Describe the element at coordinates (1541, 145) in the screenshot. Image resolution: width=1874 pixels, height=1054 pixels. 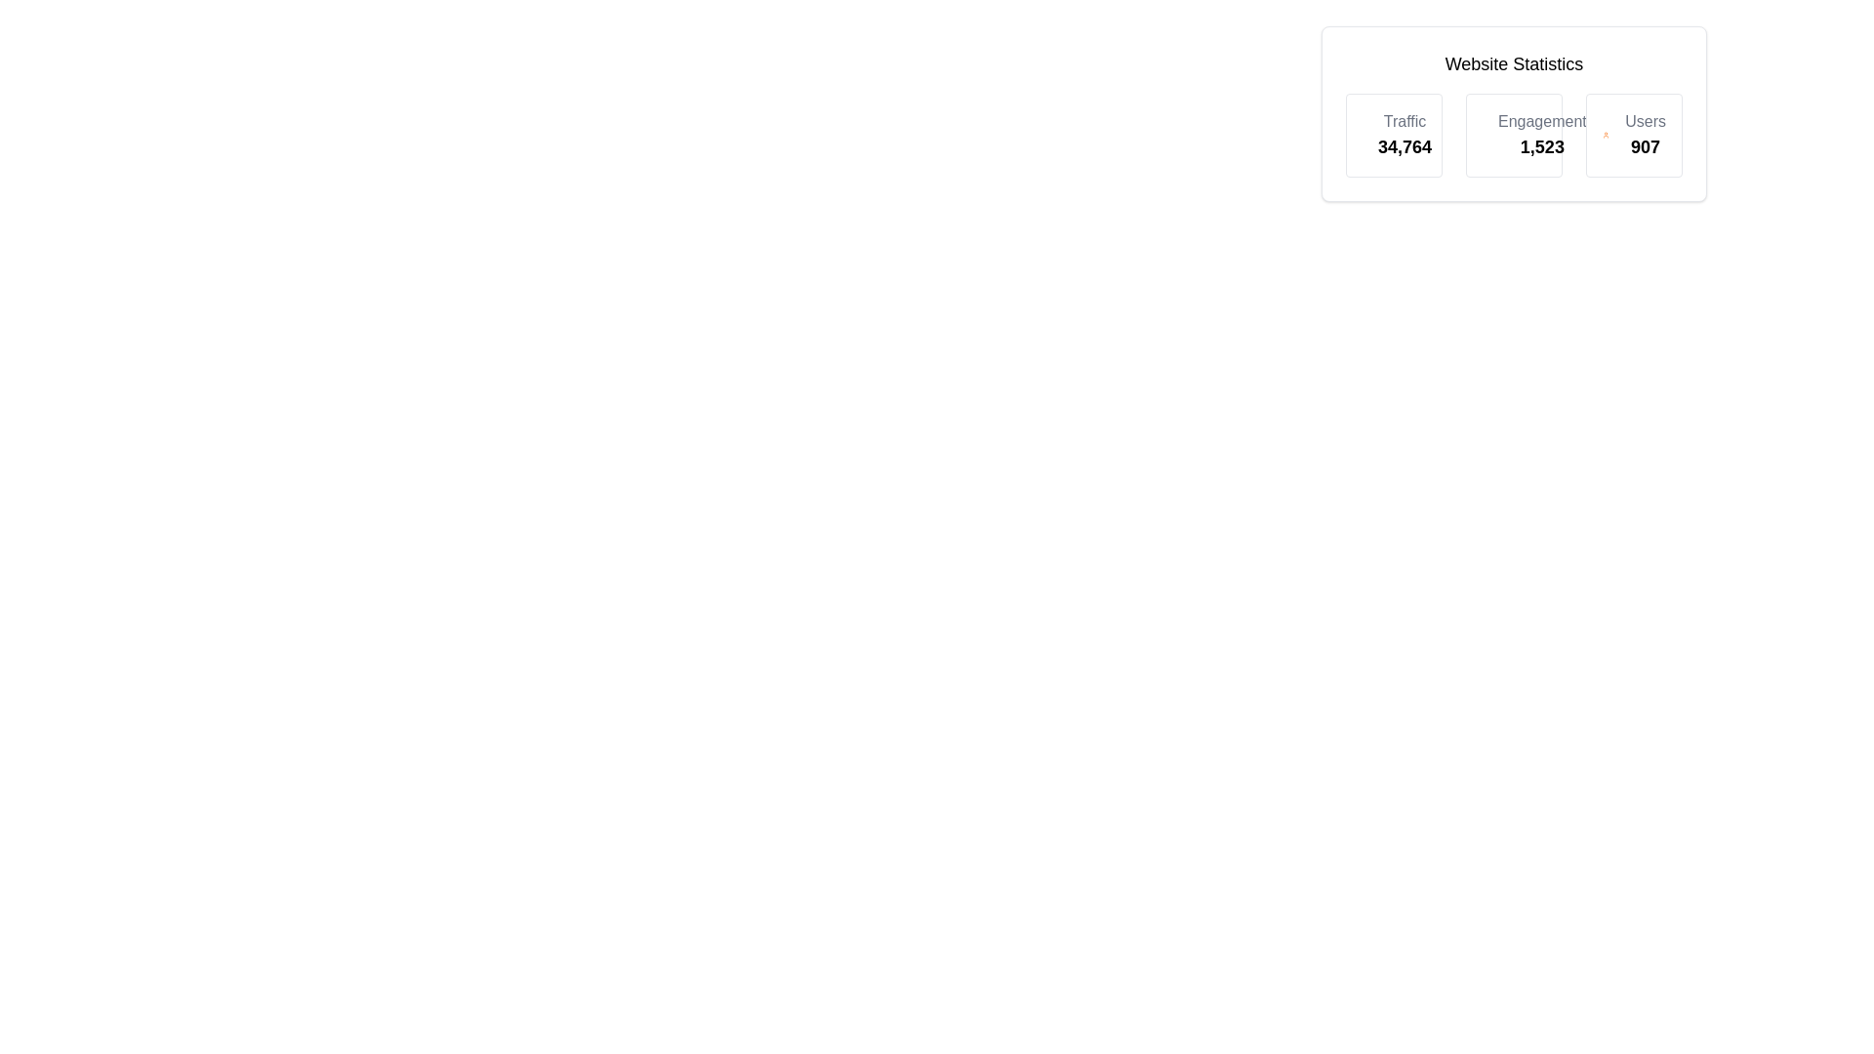
I see `the Text label that indicates the engagement metric, positioned below the 'Engagement' label and between 'Traffic' and 'Users'` at that location.